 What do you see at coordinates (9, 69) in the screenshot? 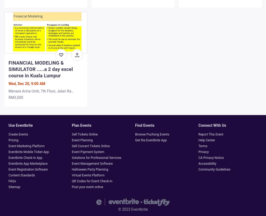
I see `'FINANCIAL MODELING & SIMULATOR .....a 2 day excel course in Kuala Lumpur'` at bounding box center [9, 69].